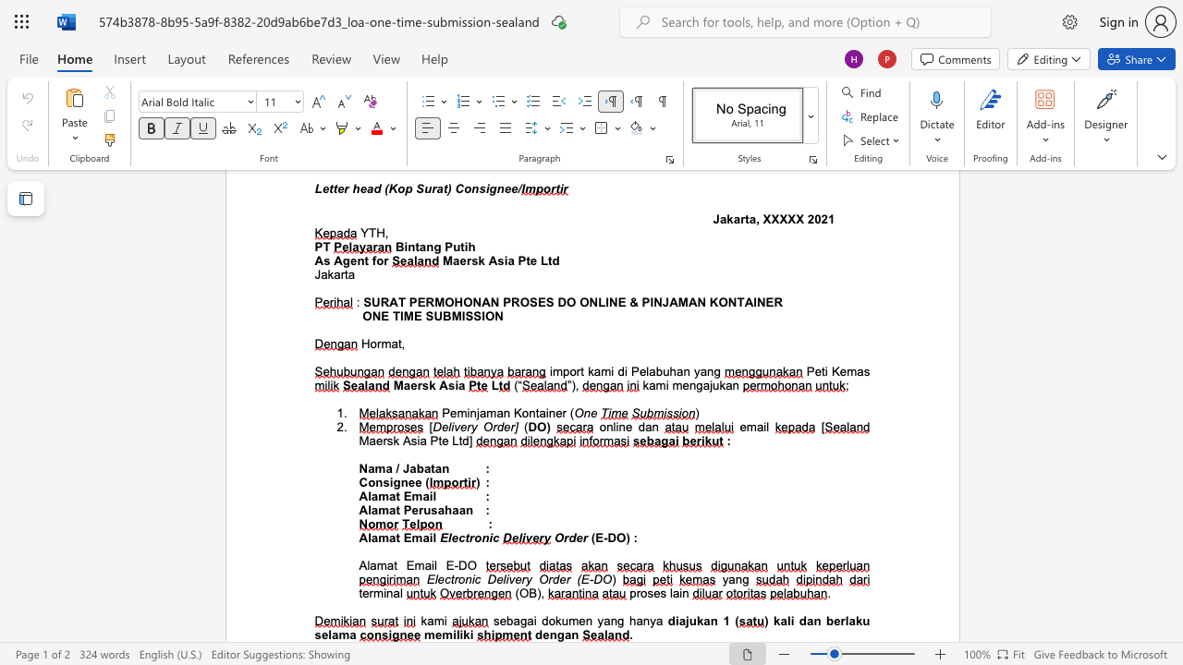  I want to click on the subset text "iki" within the text "memiliki", so click(459, 634).